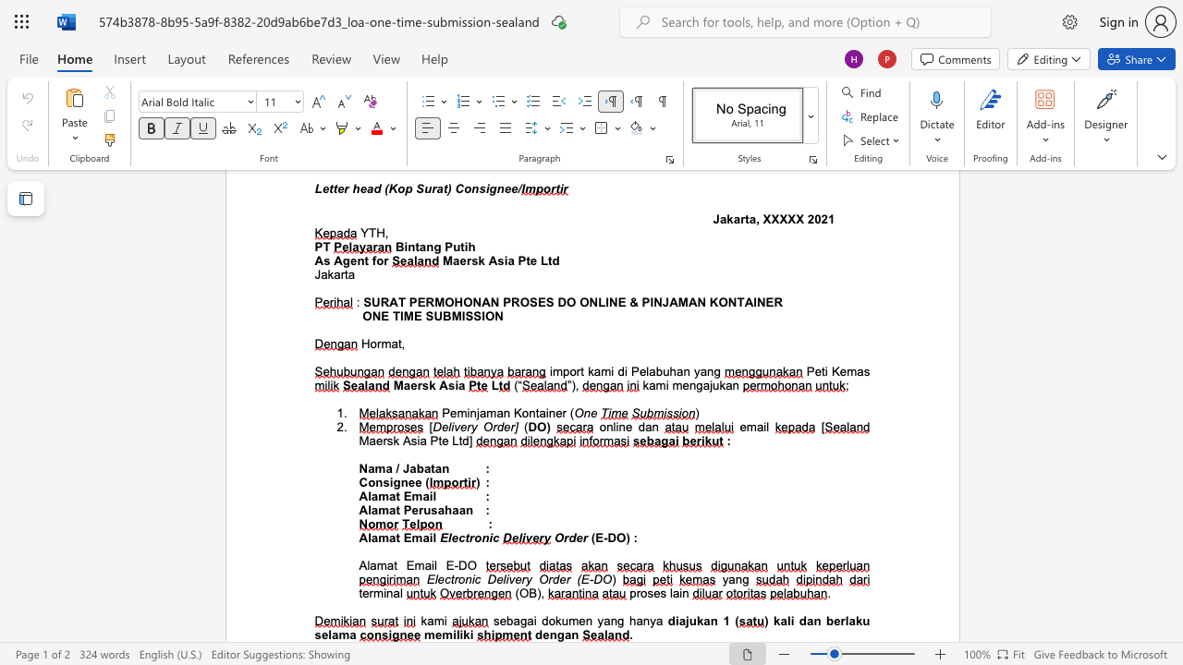  I want to click on the subset text "iki" within the text "memiliki", so click(459, 634).